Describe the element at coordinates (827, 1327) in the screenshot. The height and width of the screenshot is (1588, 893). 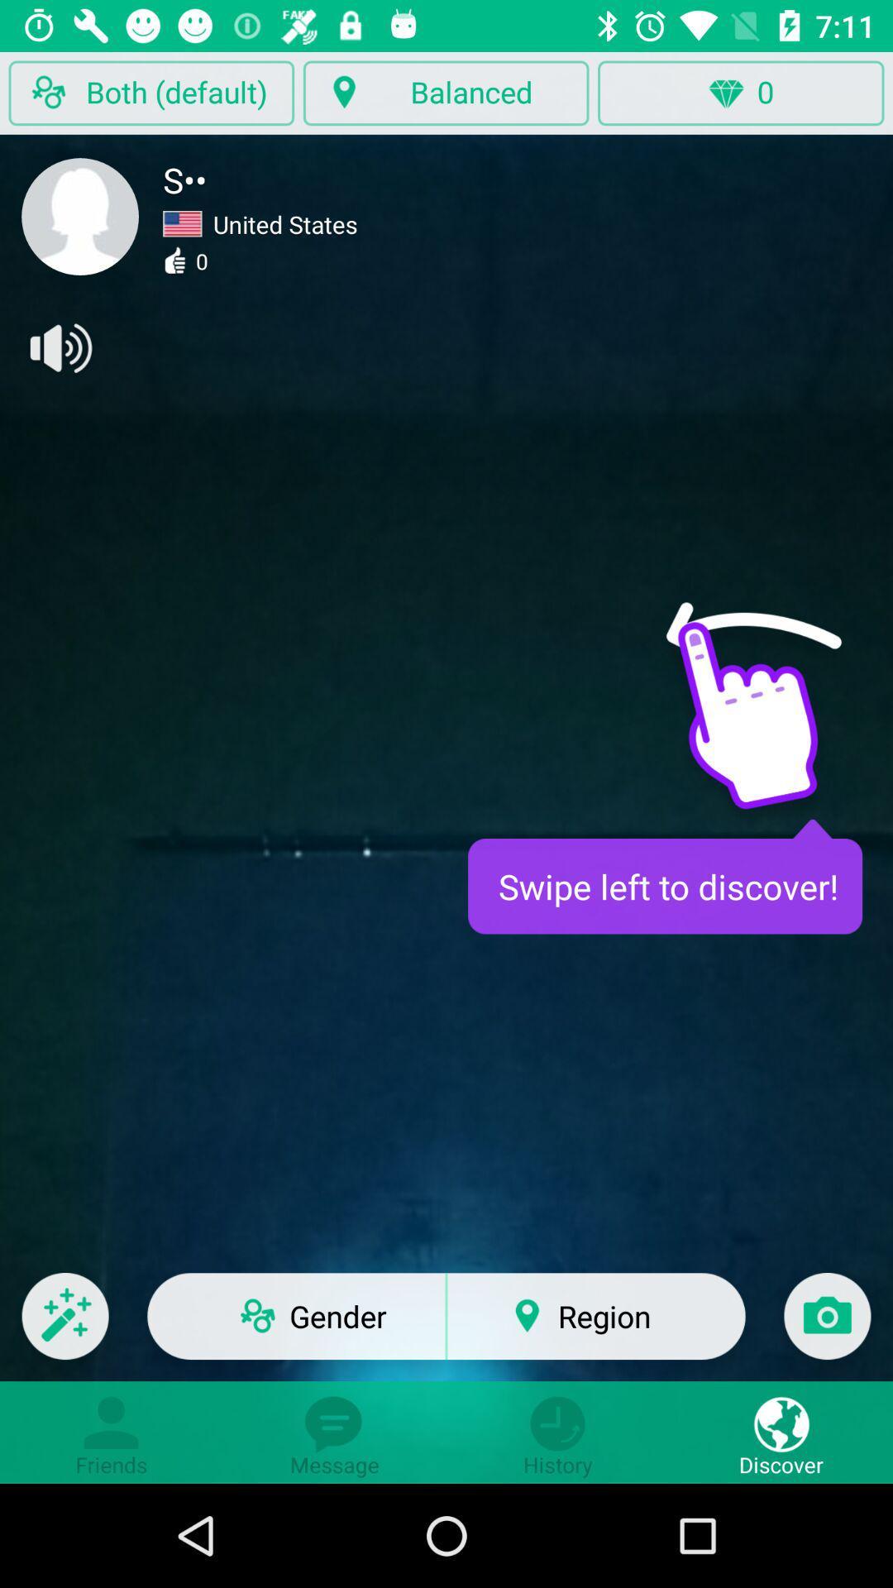
I see `take a photo` at that location.